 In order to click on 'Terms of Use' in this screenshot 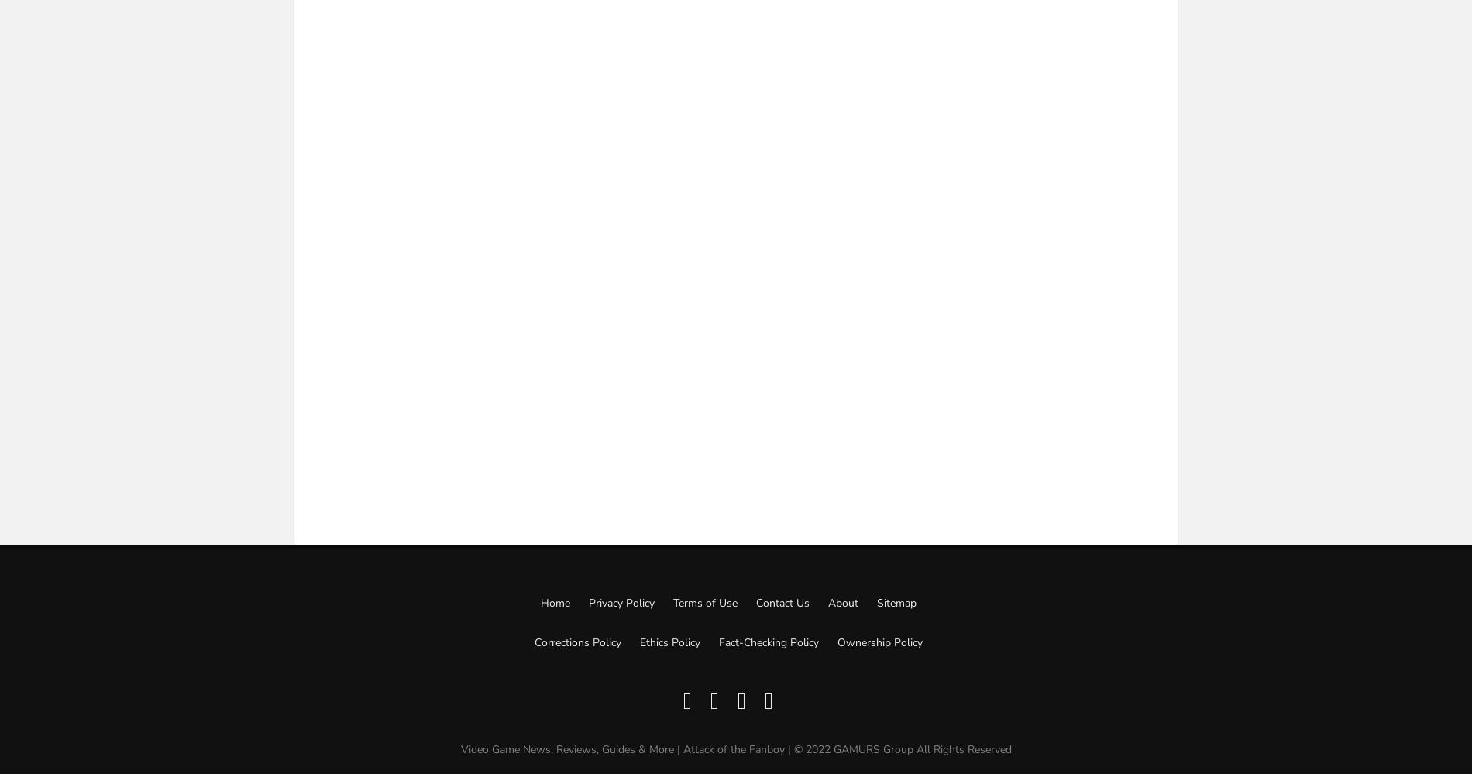, I will do `click(703, 603)`.